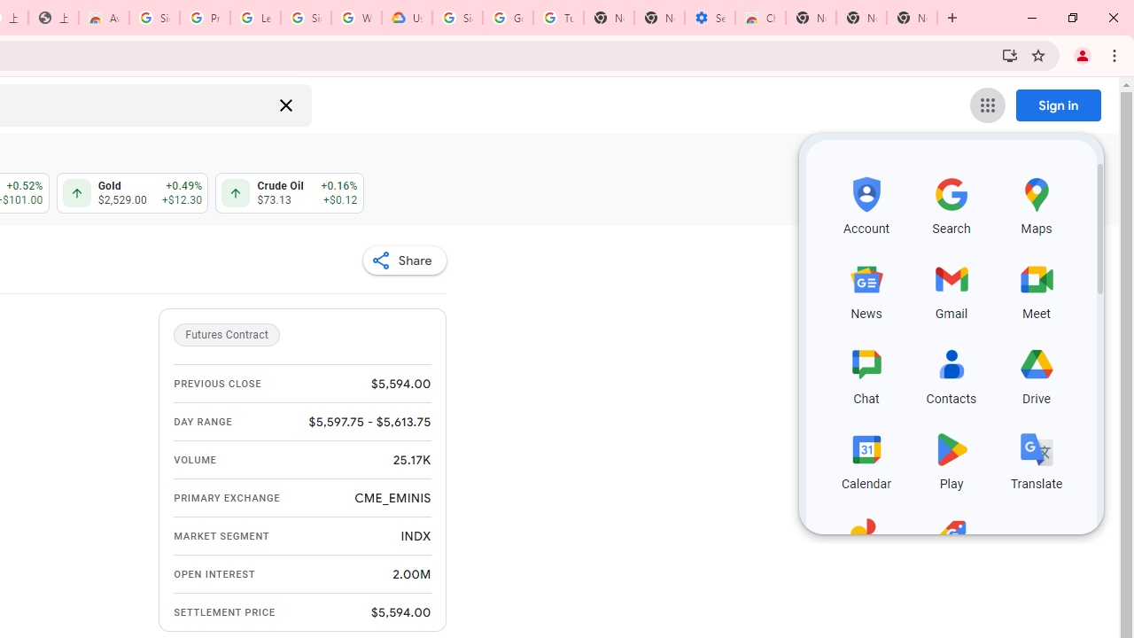 The height and width of the screenshot is (638, 1134). What do you see at coordinates (103, 18) in the screenshot?
I see `'Awesome Screen Recorder & Screenshot - Chrome Web Store'` at bounding box center [103, 18].